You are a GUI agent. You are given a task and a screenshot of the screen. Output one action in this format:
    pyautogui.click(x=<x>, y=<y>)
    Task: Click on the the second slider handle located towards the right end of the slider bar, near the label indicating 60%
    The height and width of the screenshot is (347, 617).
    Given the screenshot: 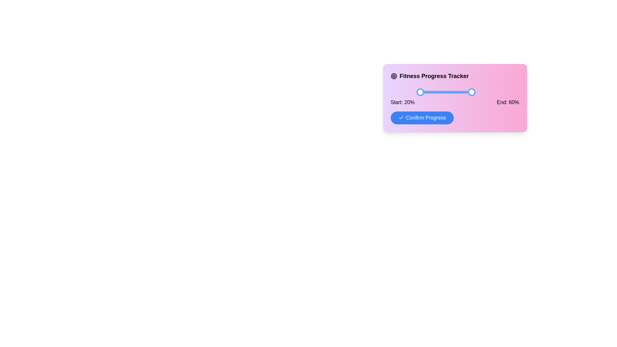 What is the action you would take?
    pyautogui.click(x=471, y=92)
    